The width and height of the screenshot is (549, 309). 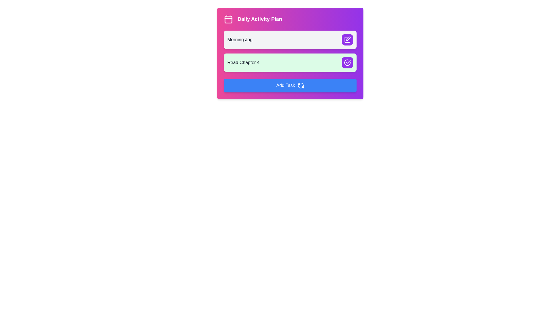 I want to click on the 'Add Task' button with a blue background and white text for keyboard navigation support, so click(x=290, y=86).